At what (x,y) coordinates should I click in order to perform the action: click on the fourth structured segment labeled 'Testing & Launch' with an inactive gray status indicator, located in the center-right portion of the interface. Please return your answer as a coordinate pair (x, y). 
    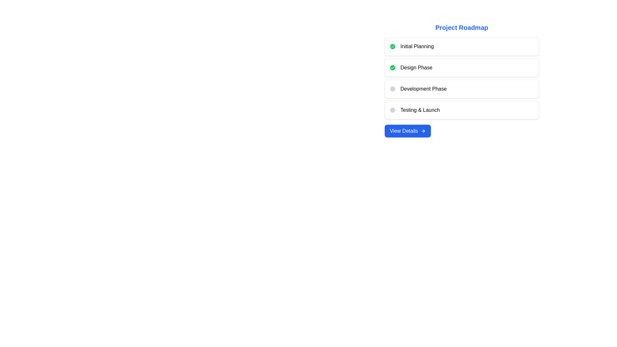
    Looking at the image, I should click on (461, 110).